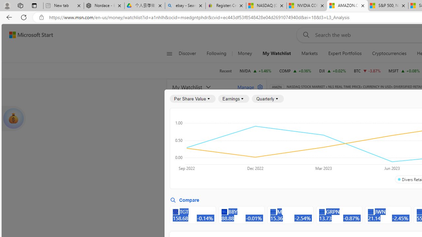  I want to click on 'Manage', so click(247, 87).